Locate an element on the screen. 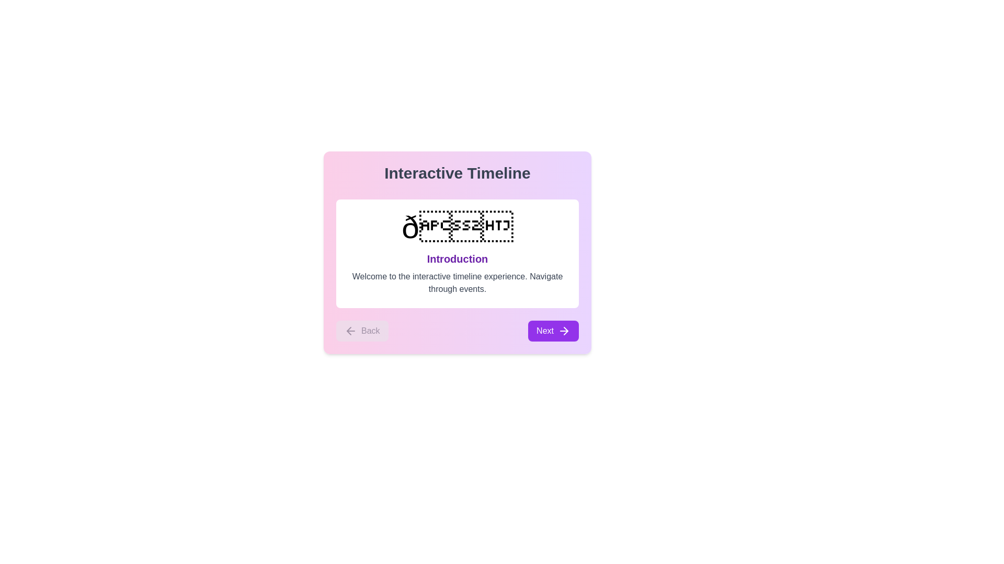 This screenshot has width=1004, height=564. the leftward-pointing gray arrow icon located within the 'Back' button in the lower-left corner of the card interface is located at coordinates (351, 331).